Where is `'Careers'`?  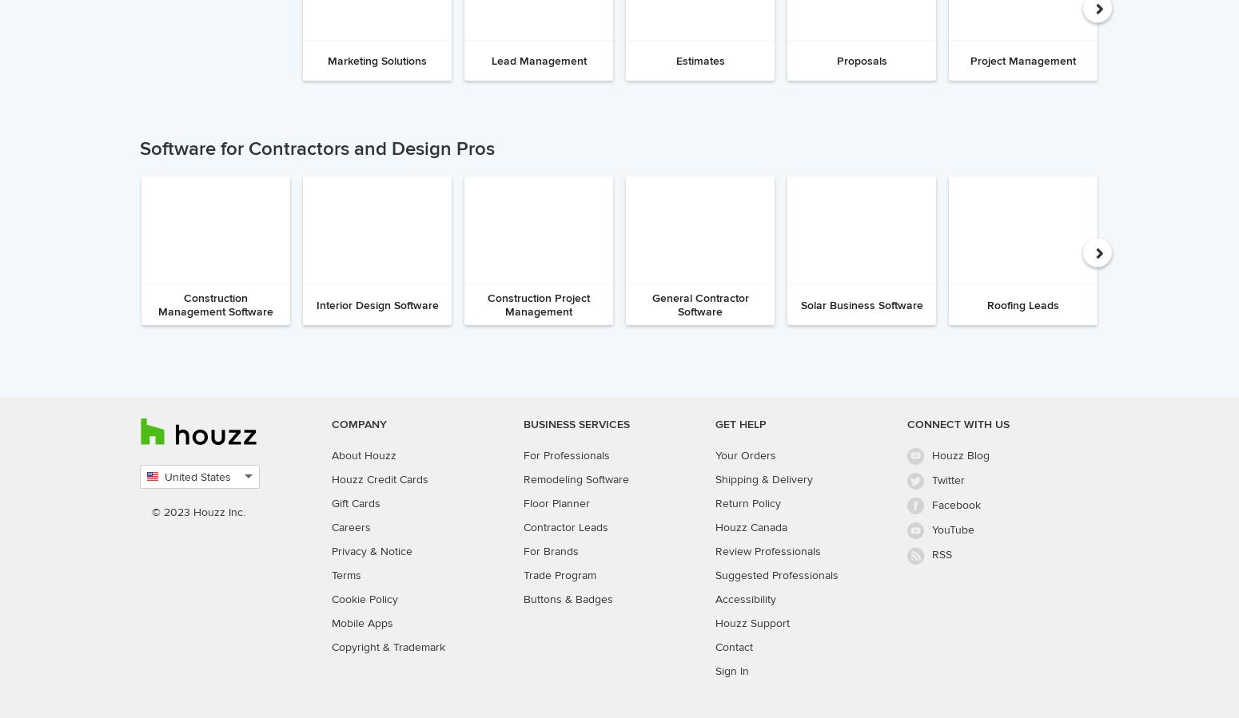 'Careers' is located at coordinates (351, 526).